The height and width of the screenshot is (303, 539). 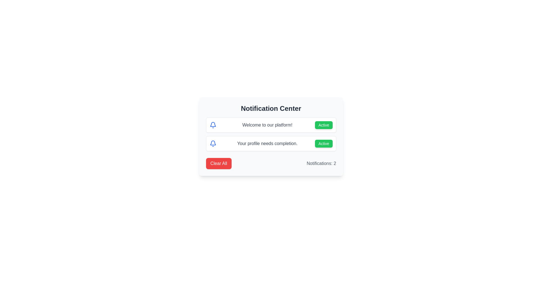 What do you see at coordinates (324, 125) in the screenshot?
I see `the green button labeled 'Active' located at the right end of the notification entry` at bounding box center [324, 125].